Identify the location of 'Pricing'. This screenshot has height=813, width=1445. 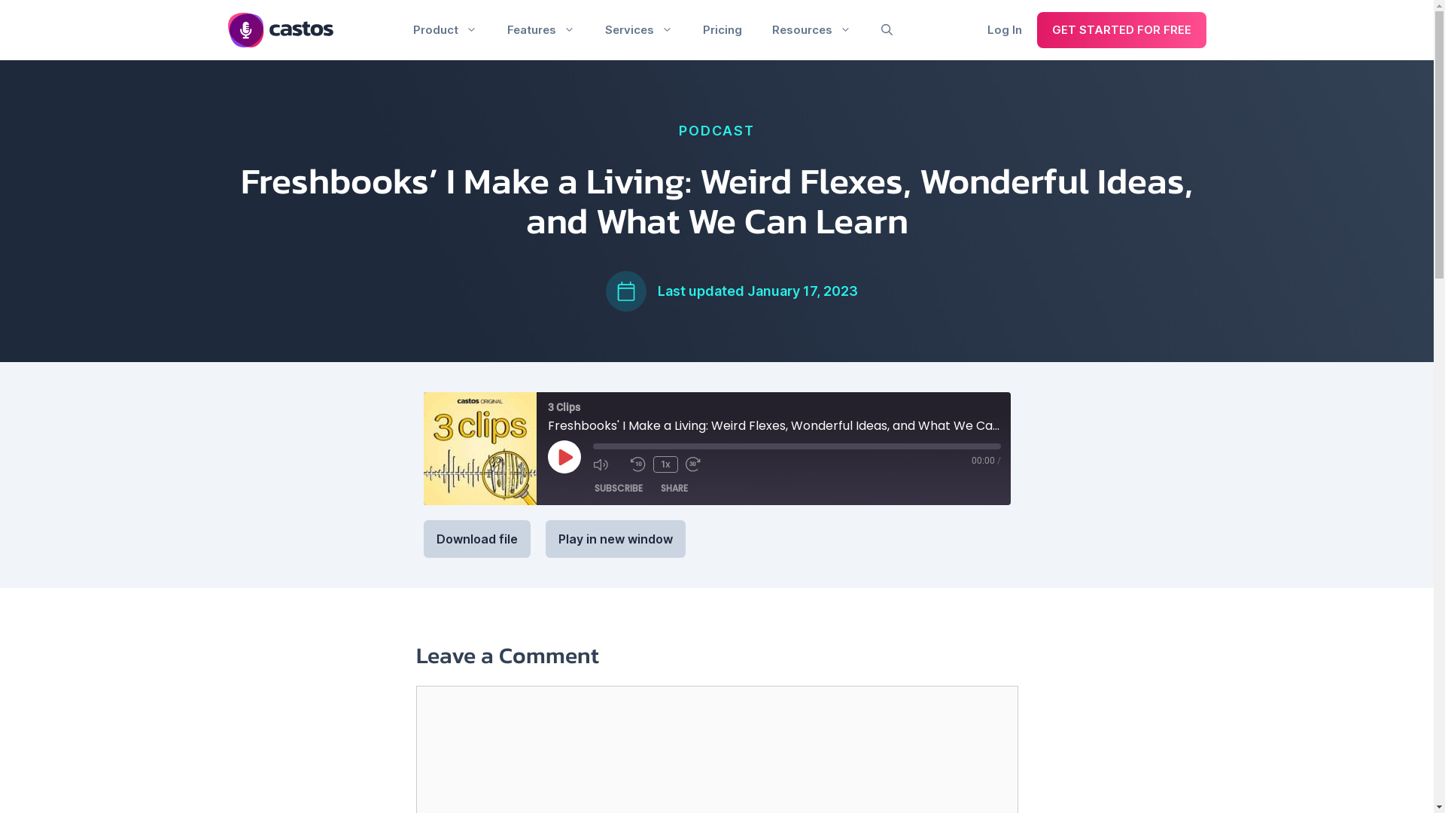
(686, 29).